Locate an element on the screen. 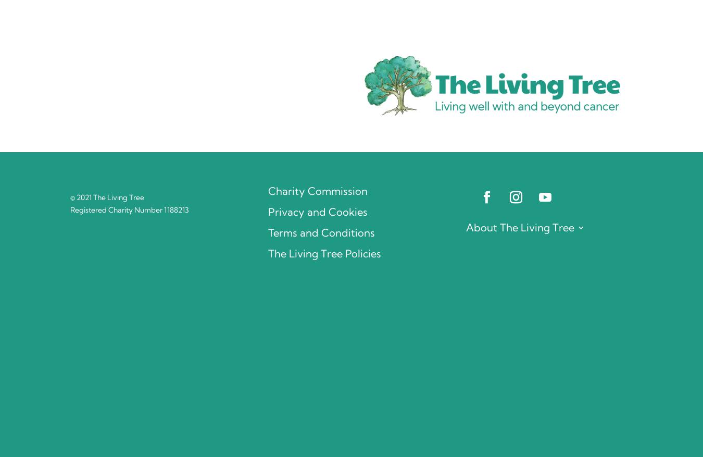 This screenshot has width=703, height=457. 'Equality and diversity statement' is located at coordinates (511, 408).